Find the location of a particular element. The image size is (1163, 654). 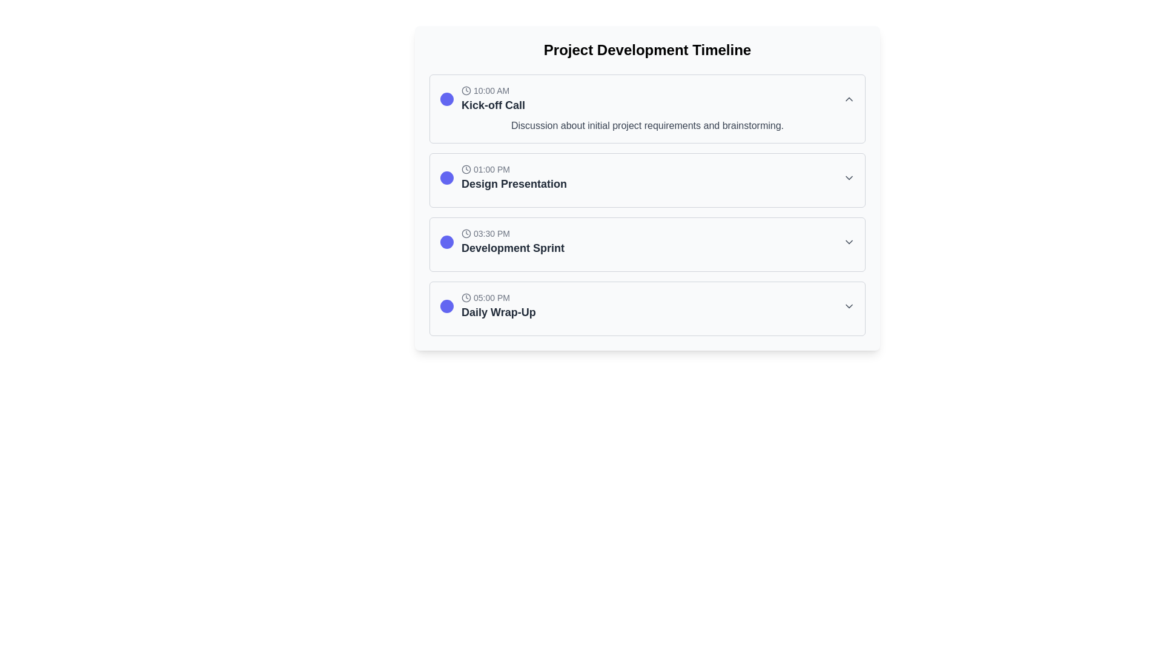

the text label displaying '05:00 PM' that is part of the 'Daily Wrap-Up' entry, located near the left edge and accompanied by a clock icon is located at coordinates (499, 298).